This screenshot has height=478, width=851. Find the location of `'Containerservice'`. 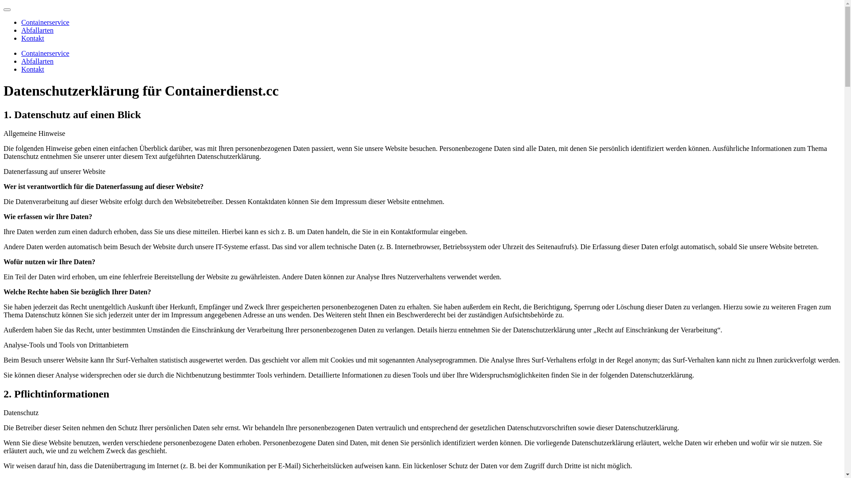

'Containerservice' is located at coordinates (44, 22).